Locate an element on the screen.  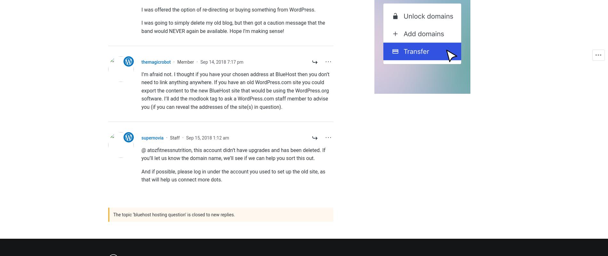
'Member' is located at coordinates (186, 61).